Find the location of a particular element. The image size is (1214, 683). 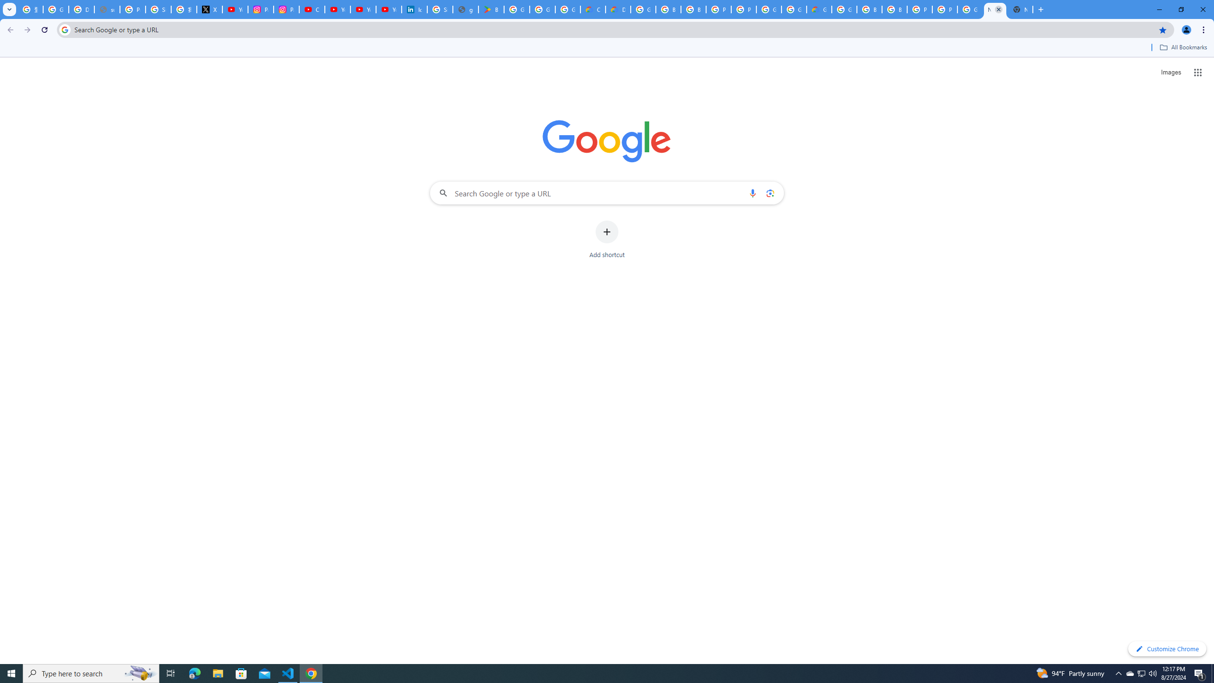

'support.google.com - Network error' is located at coordinates (106, 9).